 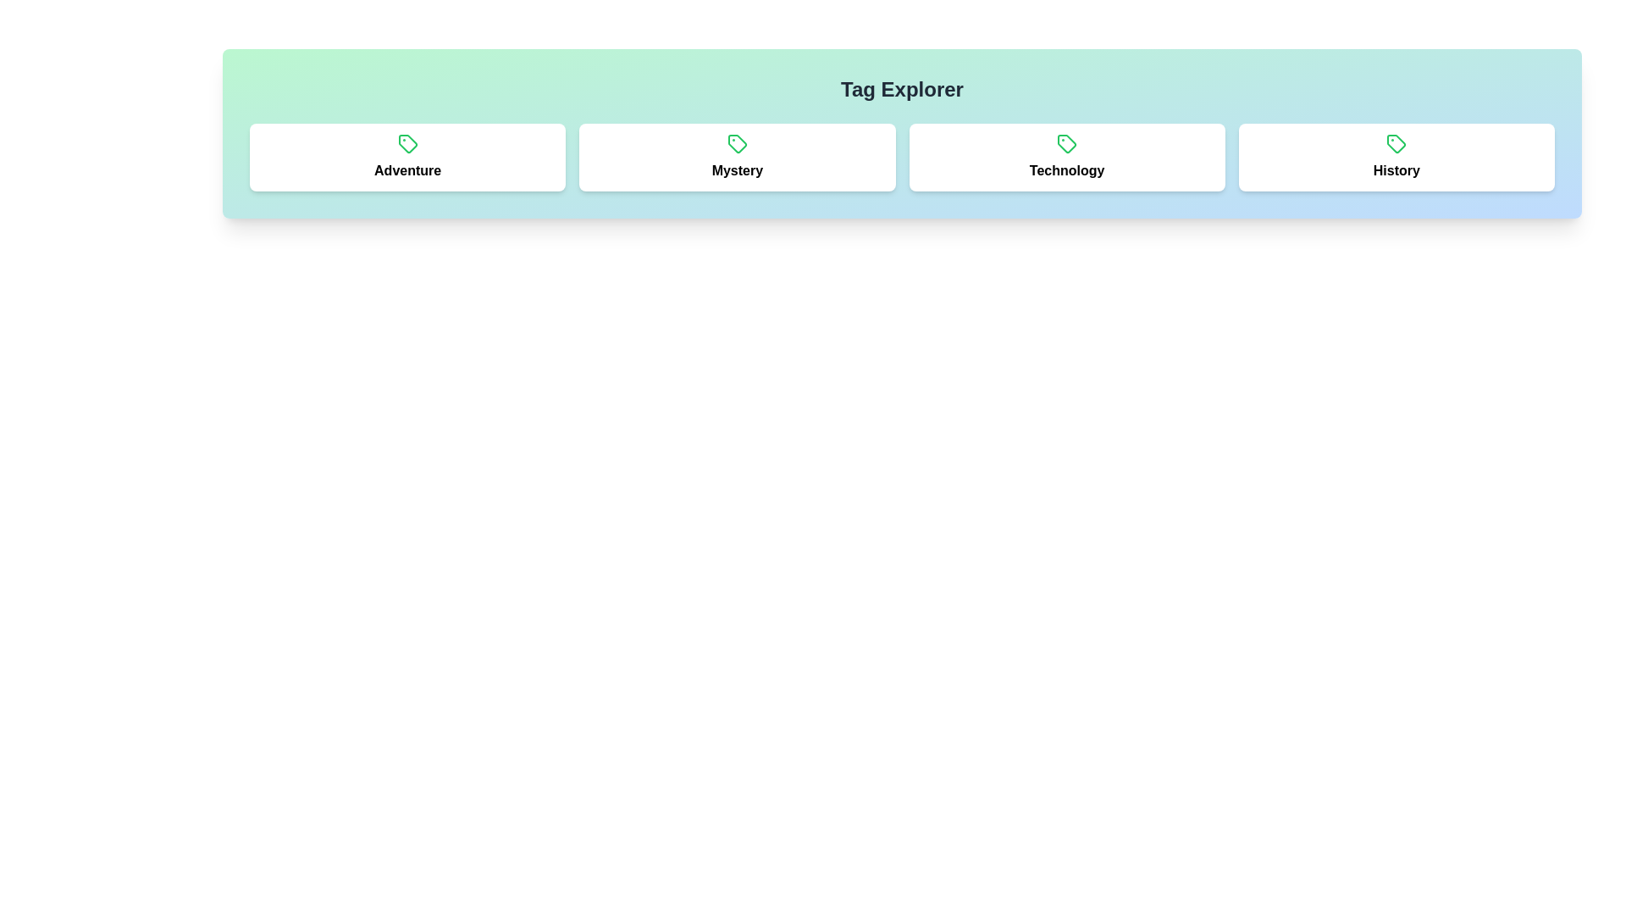 I want to click on the 'Mystery' category button, which is a rectangular button with a shadowed border, rounded corners, a green tag icon, and bold black text, so click(x=737, y=157).